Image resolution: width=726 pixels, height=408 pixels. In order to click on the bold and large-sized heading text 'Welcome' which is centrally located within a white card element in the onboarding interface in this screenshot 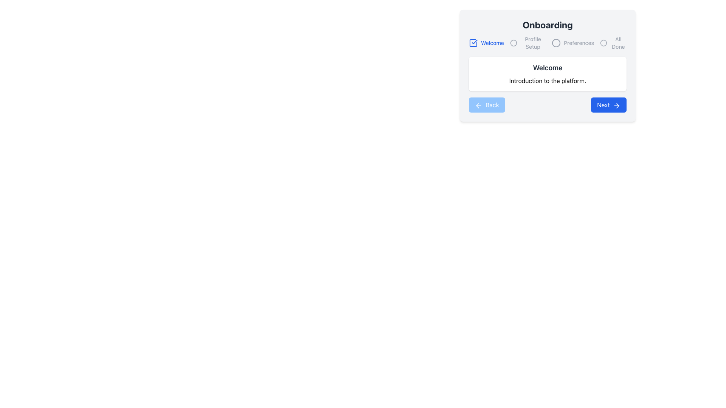, I will do `click(548, 68)`.